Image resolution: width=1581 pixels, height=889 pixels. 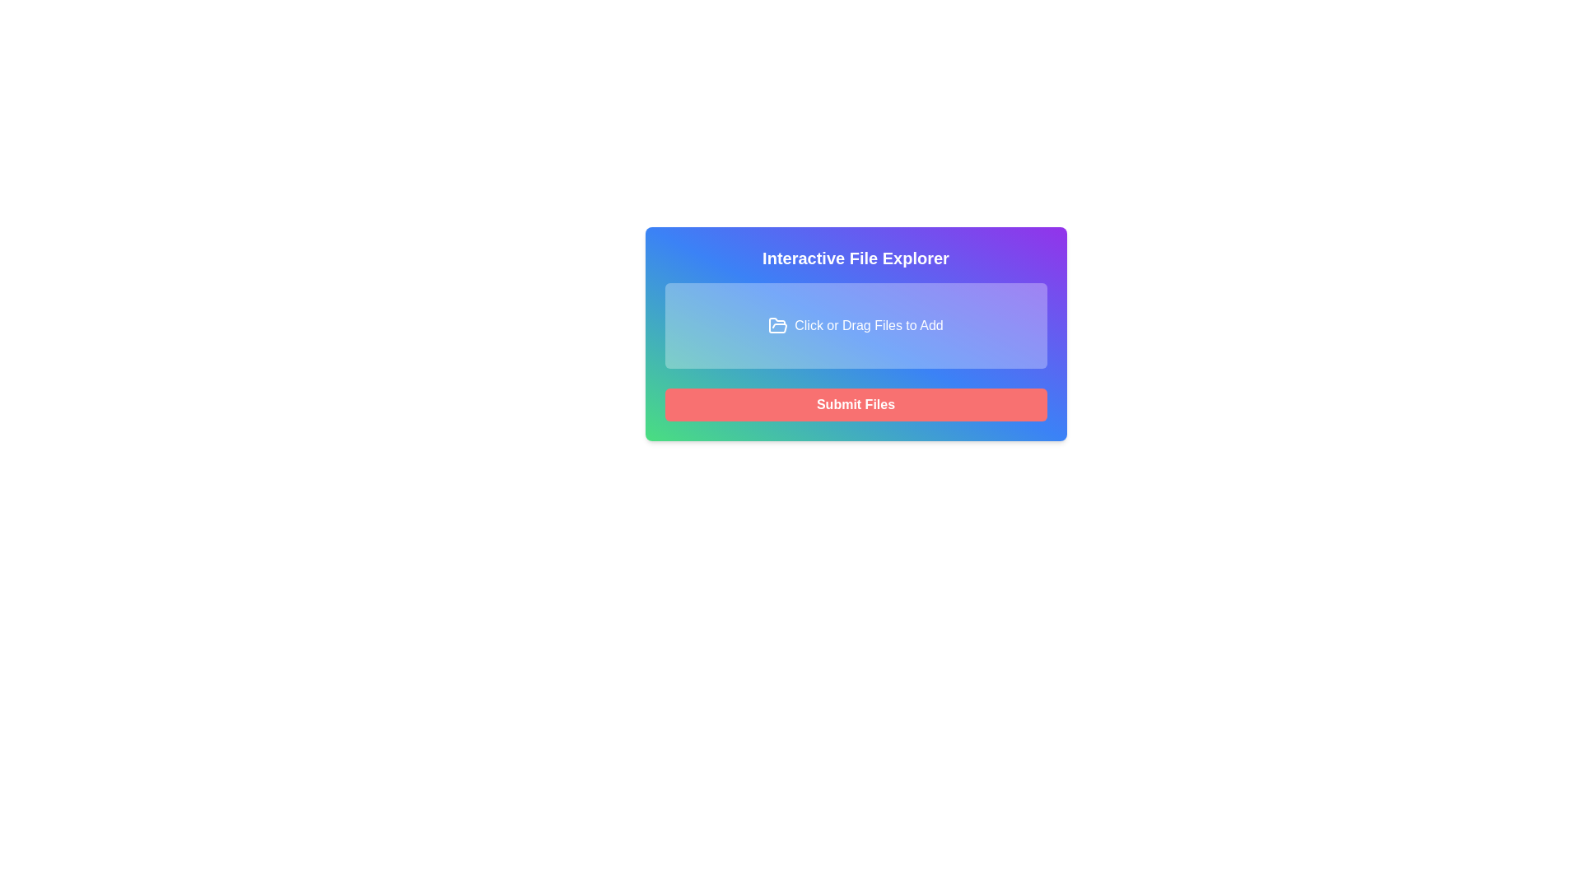 I want to click on the Text Label that provides instructions for the file upload feature, located to the right of the folder icon, so click(x=868, y=326).